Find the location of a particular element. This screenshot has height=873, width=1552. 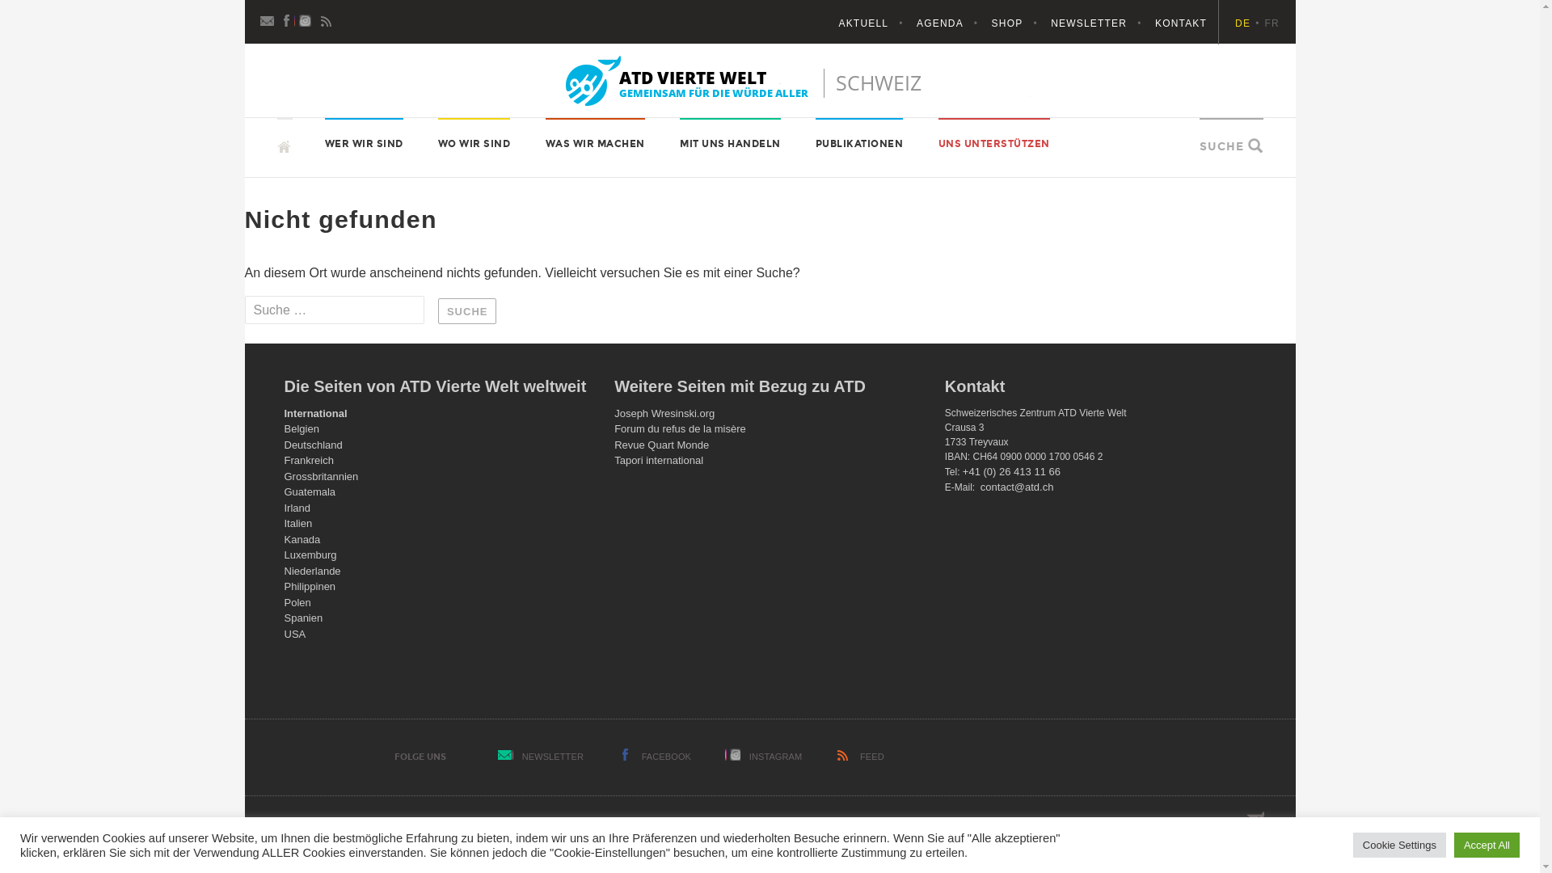

'Italien' is located at coordinates (284, 523).